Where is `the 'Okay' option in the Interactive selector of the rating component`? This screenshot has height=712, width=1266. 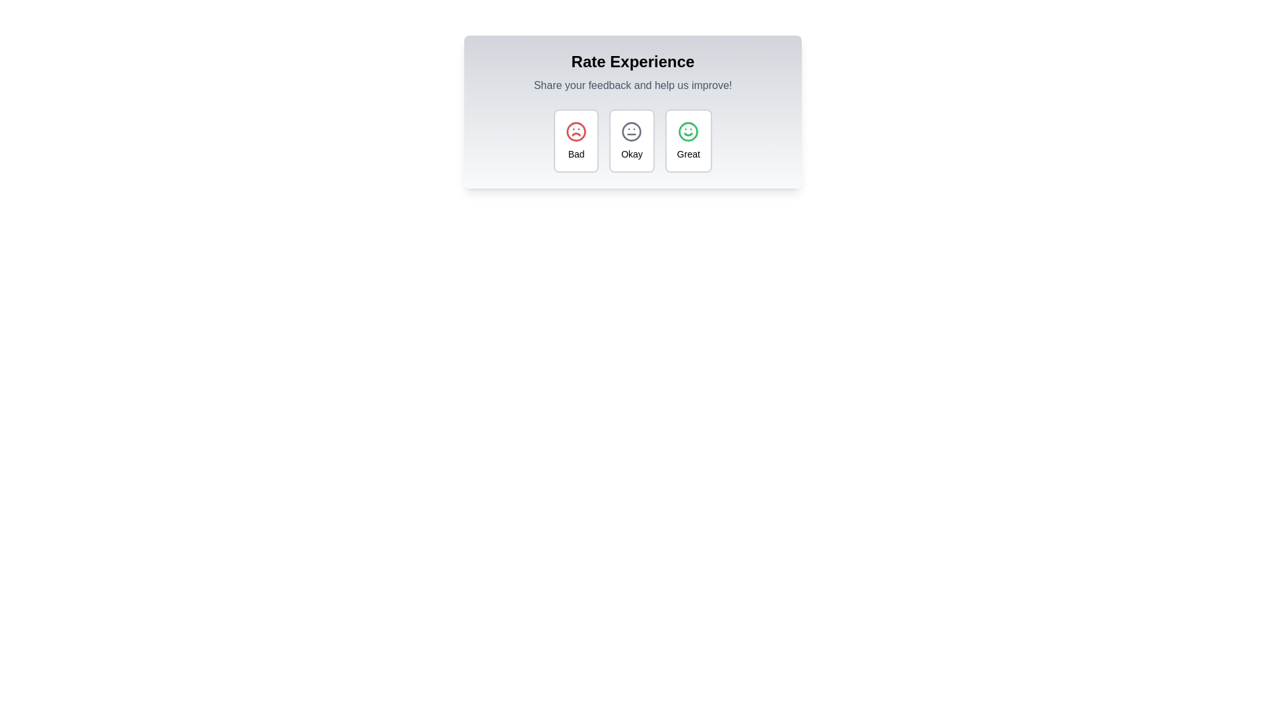 the 'Okay' option in the Interactive selector of the rating component is located at coordinates (633, 140).